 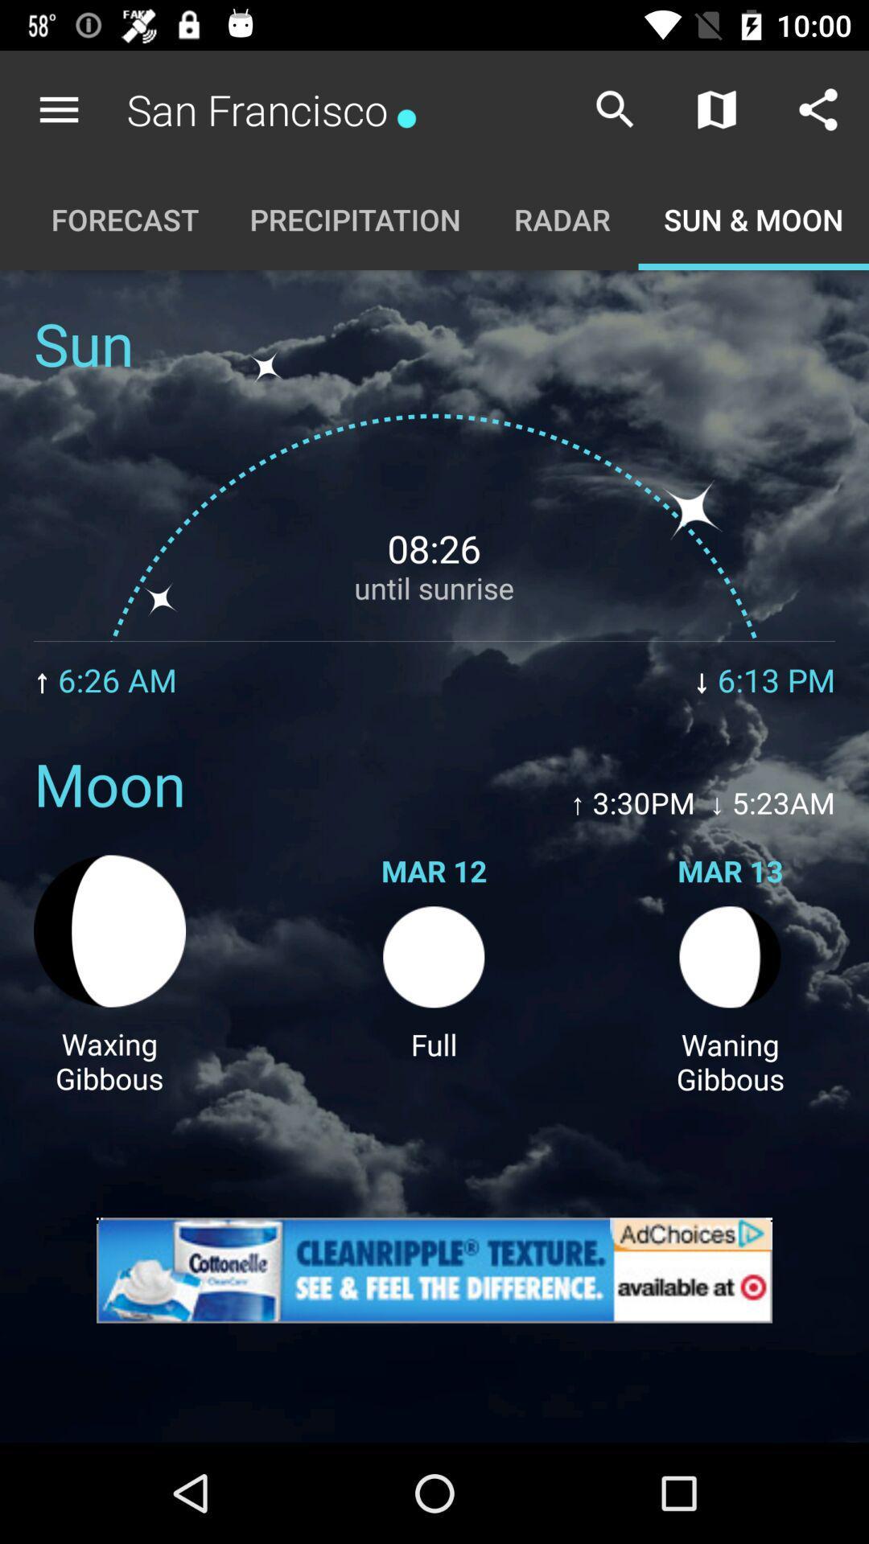 I want to click on item next to full, so click(x=109, y=1061).